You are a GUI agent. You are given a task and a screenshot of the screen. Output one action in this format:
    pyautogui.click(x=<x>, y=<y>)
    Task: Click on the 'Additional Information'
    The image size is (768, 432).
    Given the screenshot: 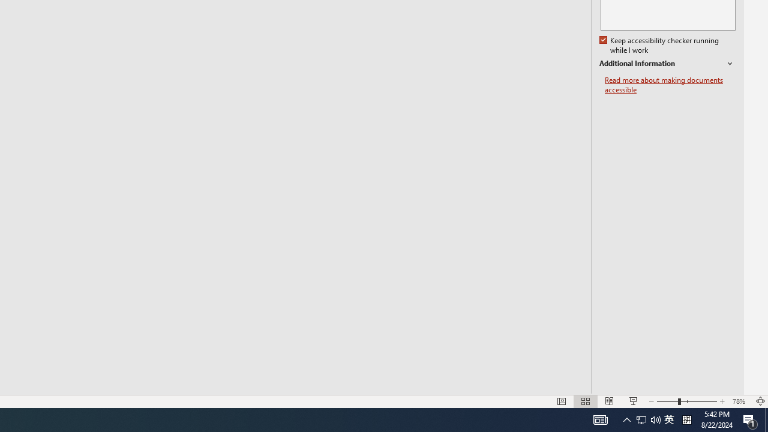 What is the action you would take?
    pyautogui.click(x=667, y=64)
    